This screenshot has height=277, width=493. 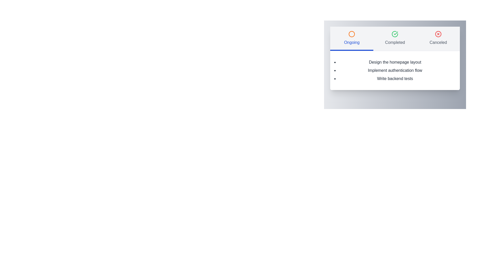 I want to click on the tab labeled Canceled to switch to the corresponding view, so click(x=438, y=38).